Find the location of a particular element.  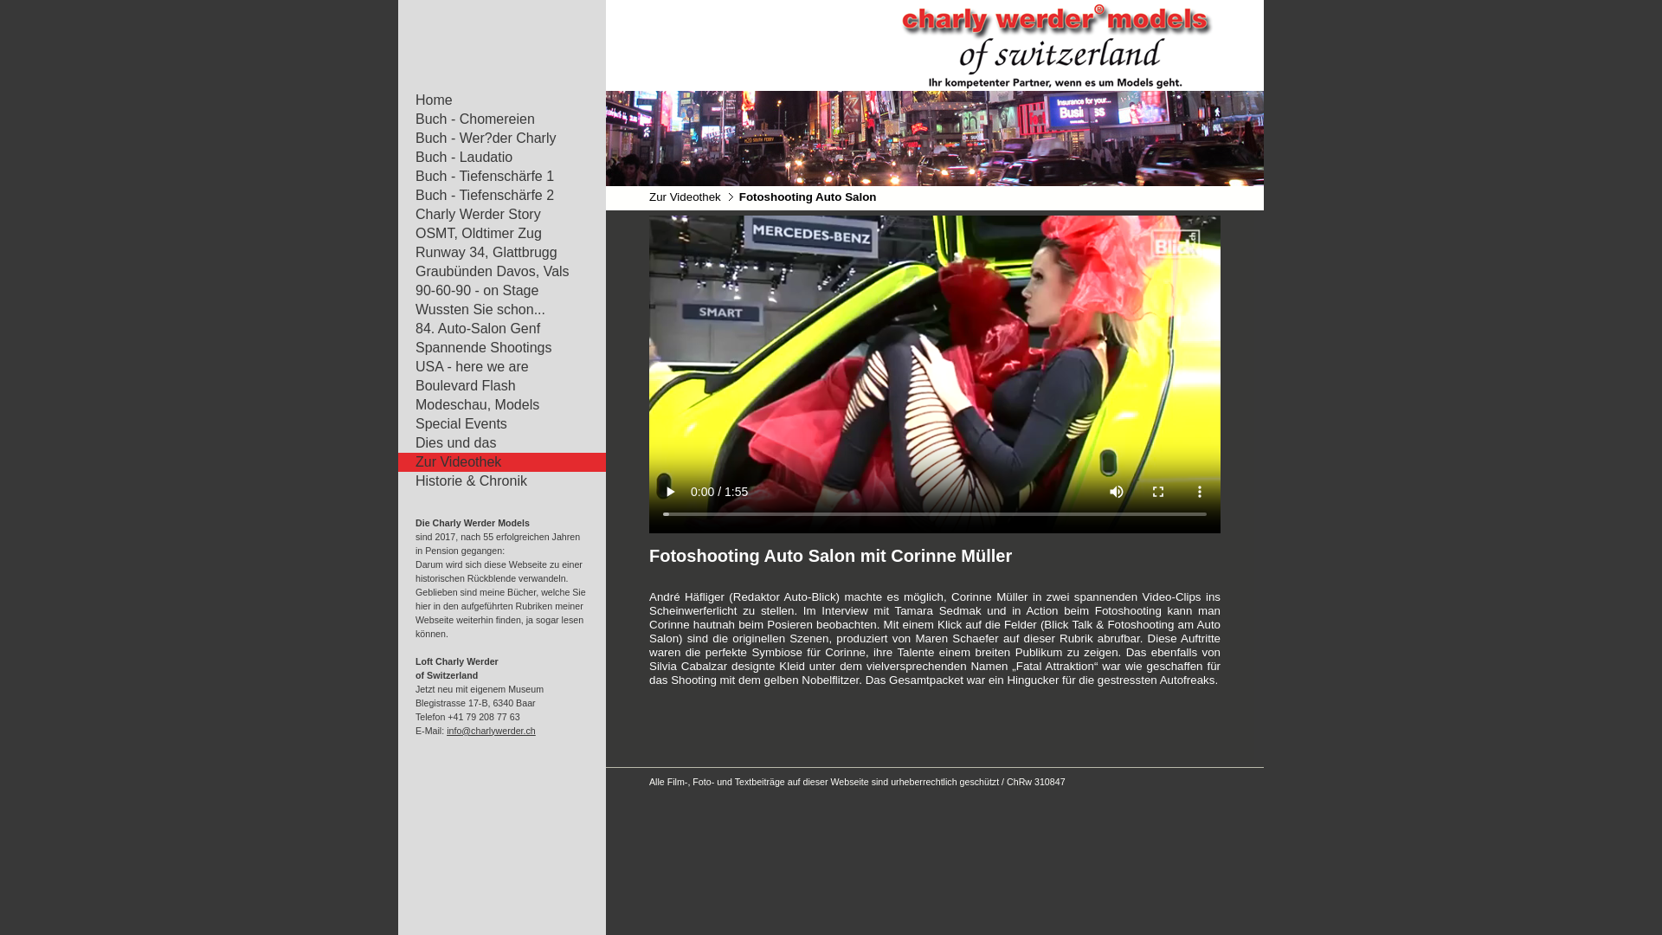

'Wussten Sie schon...' is located at coordinates (493, 309).